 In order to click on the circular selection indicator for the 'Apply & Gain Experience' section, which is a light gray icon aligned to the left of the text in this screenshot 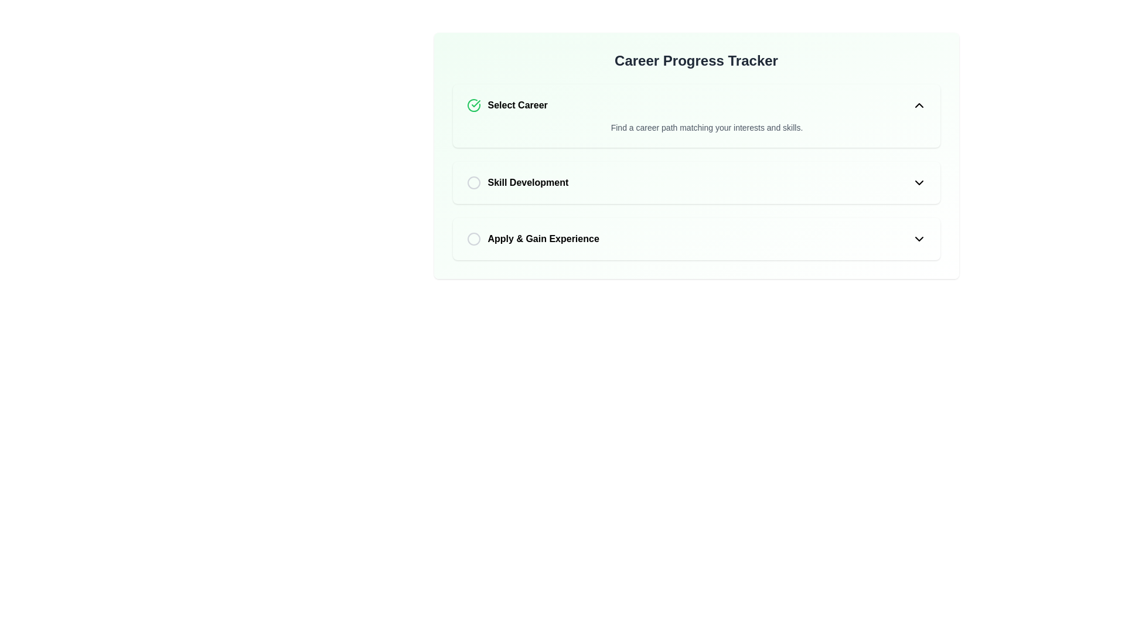, I will do `click(473, 239)`.